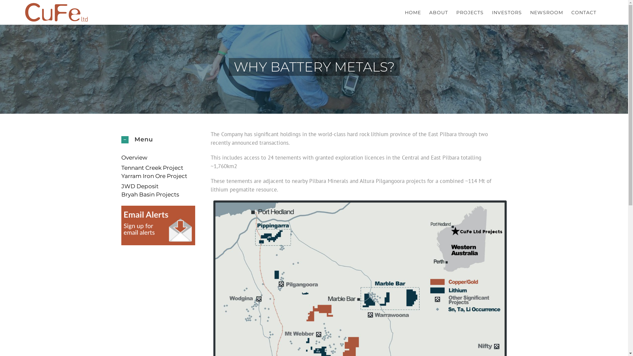 The width and height of the screenshot is (633, 356). What do you see at coordinates (469, 12) in the screenshot?
I see `'PROJECTS'` at bounding box center [469, 12].